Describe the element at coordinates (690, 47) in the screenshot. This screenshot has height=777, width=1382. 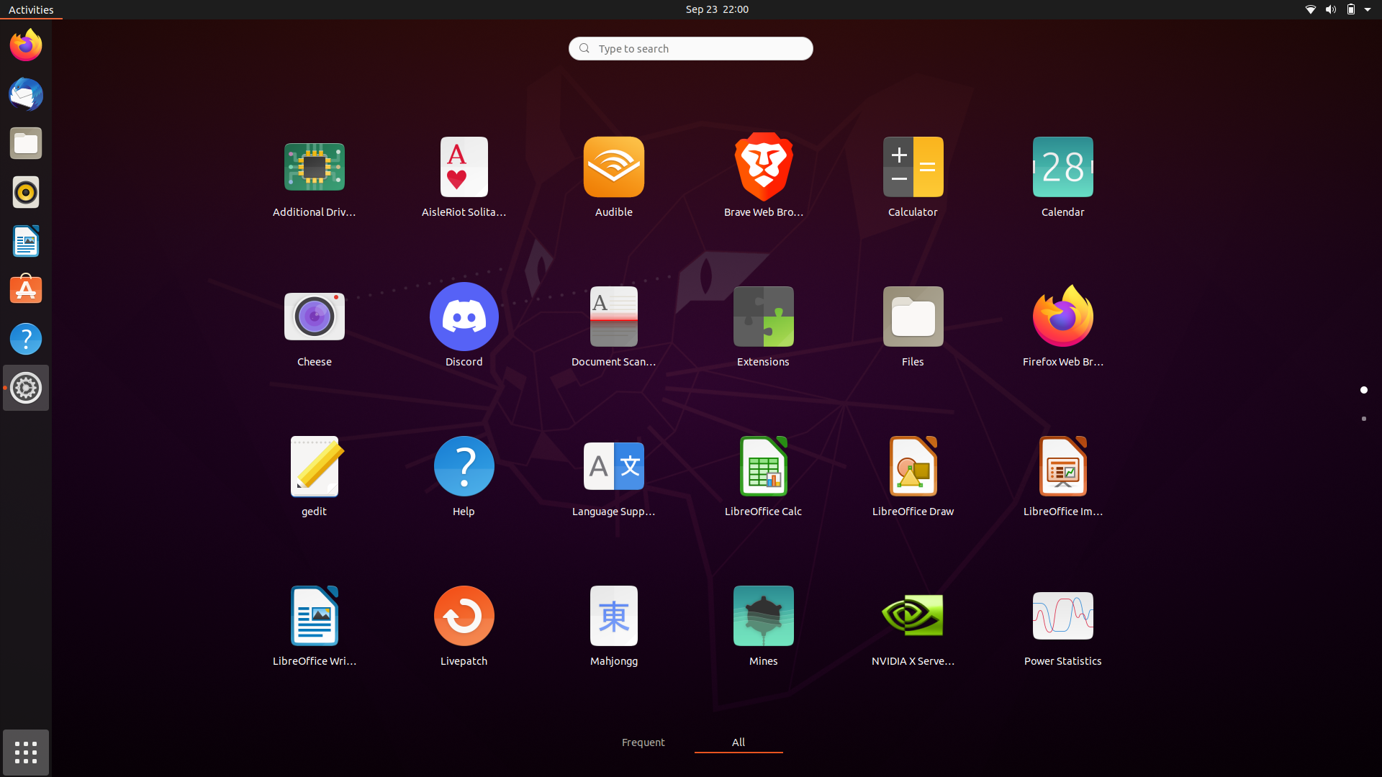
I see `search for "Movies` at that location.